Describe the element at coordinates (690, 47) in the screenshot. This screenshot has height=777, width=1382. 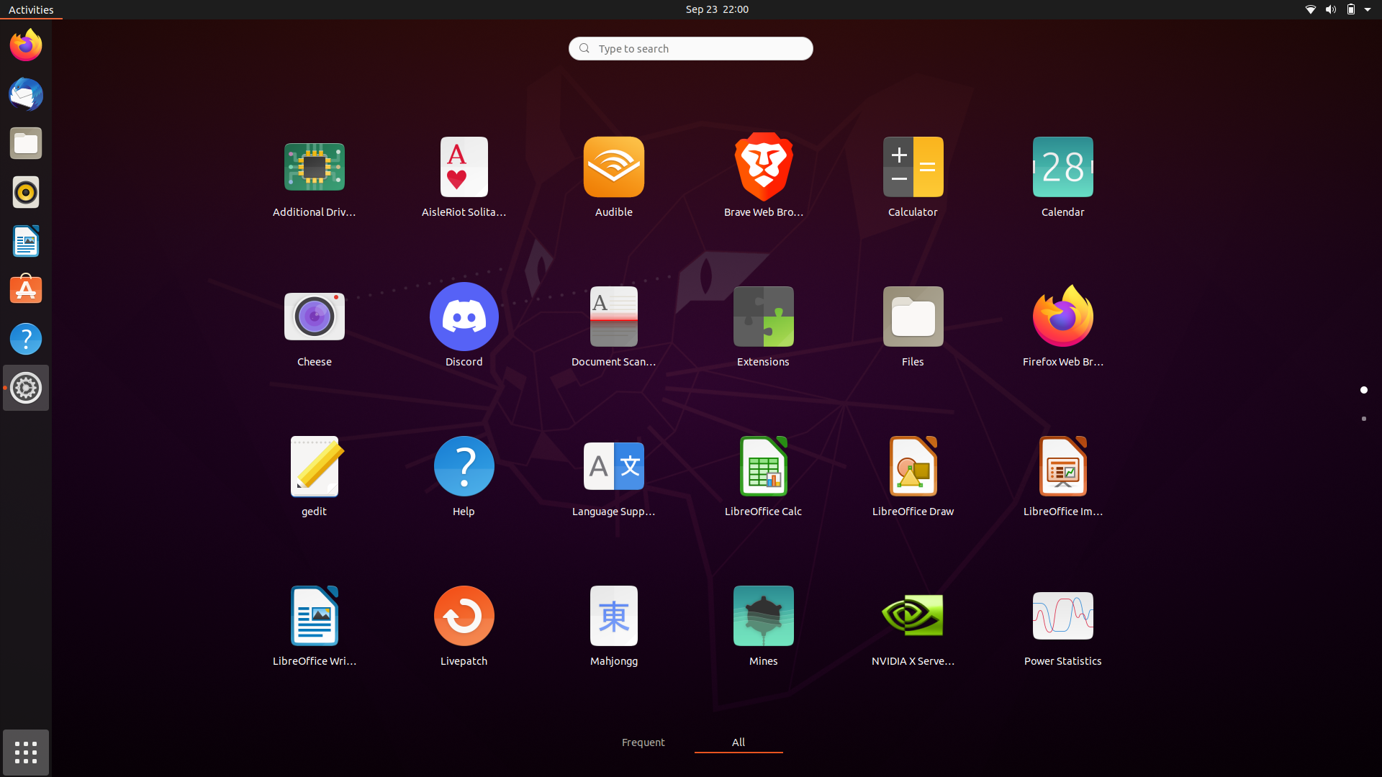
I see `search for "Movies` at that location.